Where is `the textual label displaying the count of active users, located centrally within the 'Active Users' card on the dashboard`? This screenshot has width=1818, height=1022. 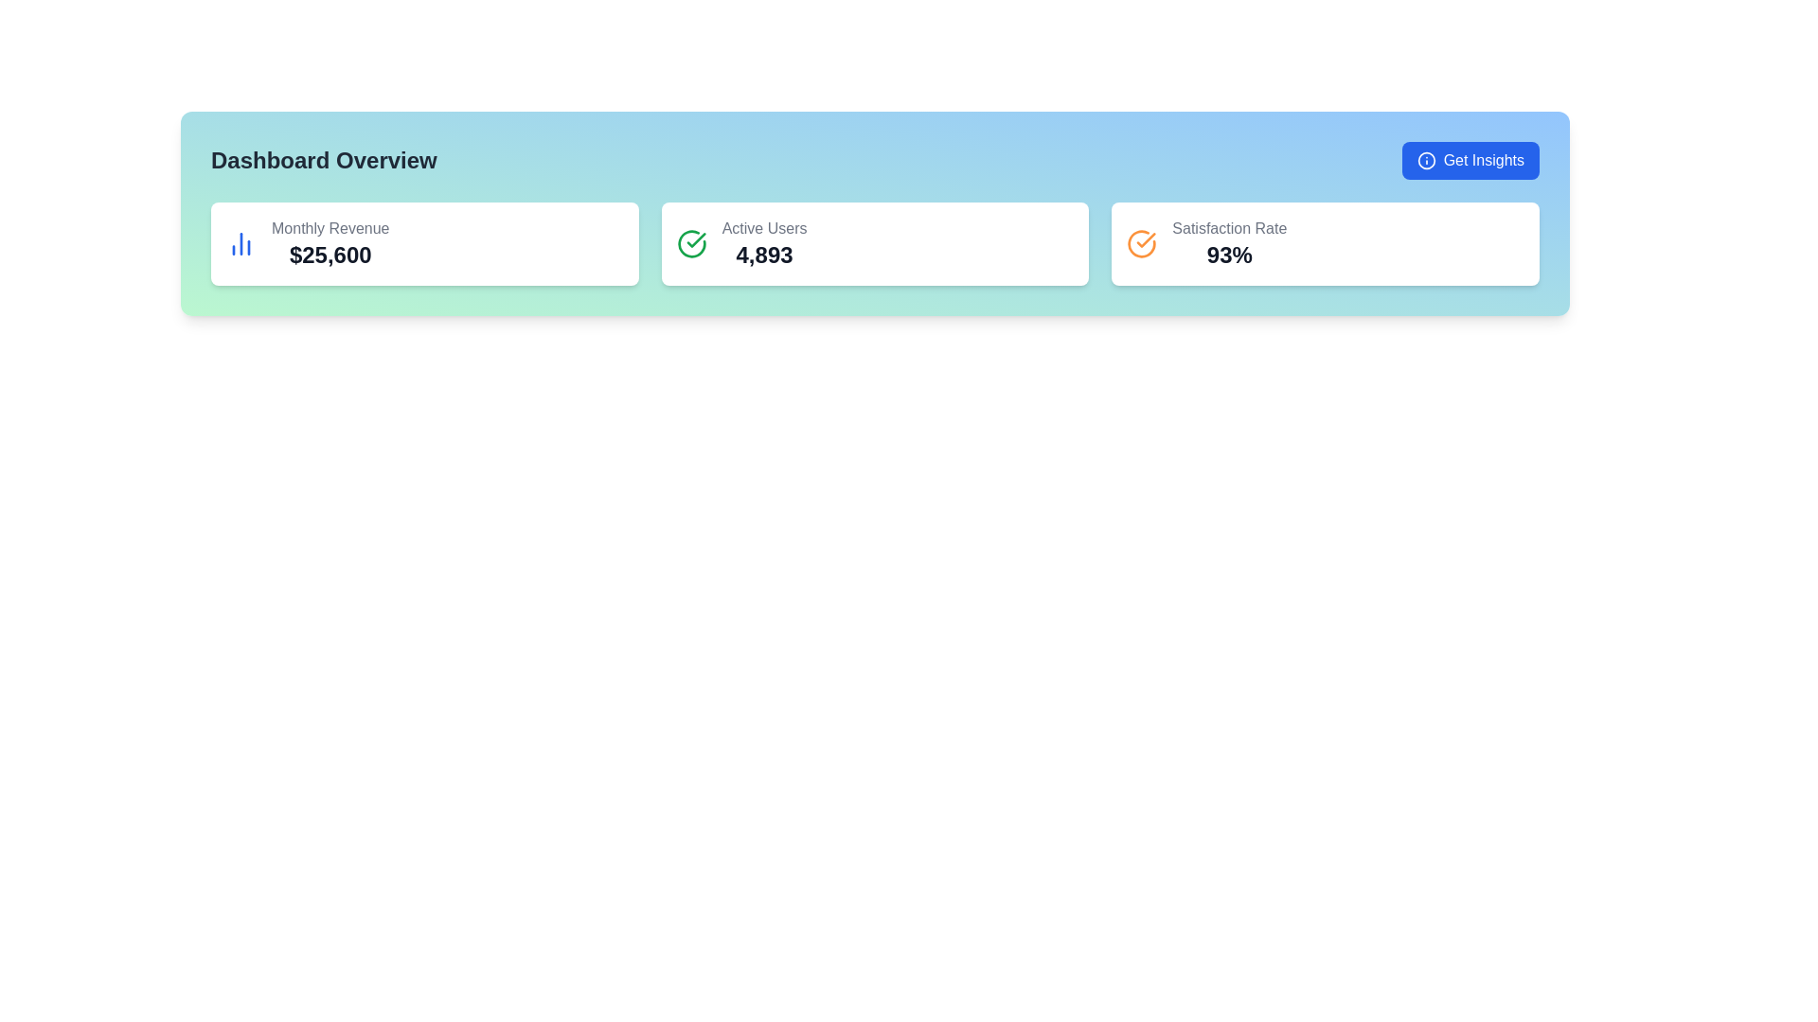 the textual label displaying the count of active users, located centrally within the 'Active Users' card on the dashboard is located at coordinates (764, 255).